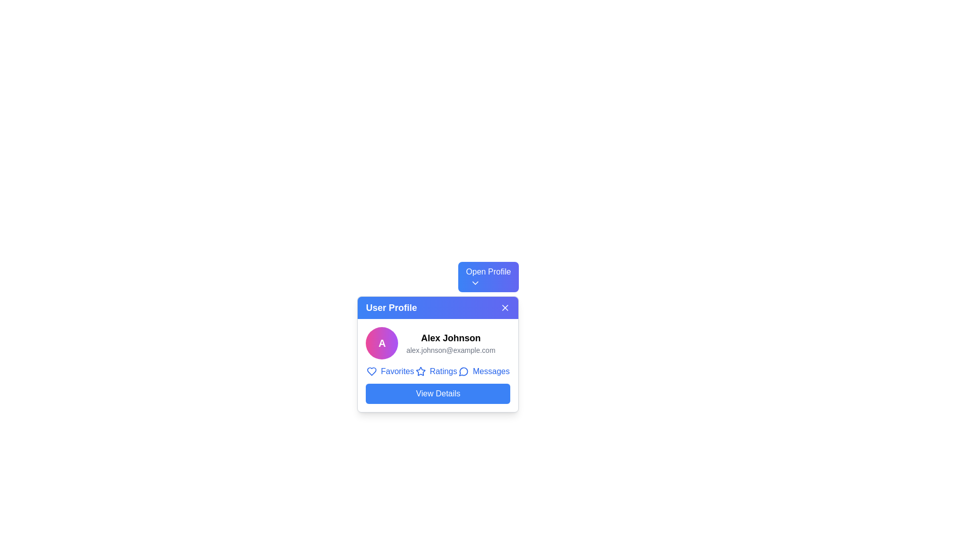 The image size is (970, 546). I want to click on the close button, which is a small cross-shaped icon, located in the top-right corner of the 'User Profile' card, so click(505, 307).